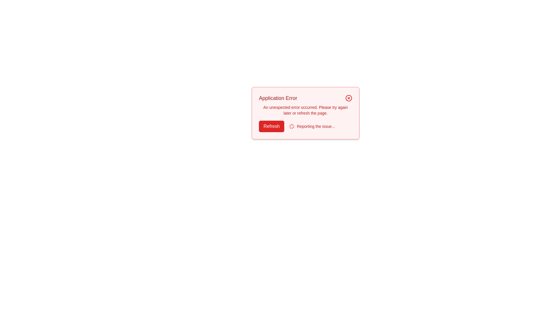 Image resolution: width=553 pixels, height=311 pixels. What do you see at coordinates (271, 126) in the screenshot?
I see `the 'Refresh' button, which is a red rectangular button with white text and rounded corners, located at the bottom left of the 'Application Error' dialog box` at bounding box center [271, 126].